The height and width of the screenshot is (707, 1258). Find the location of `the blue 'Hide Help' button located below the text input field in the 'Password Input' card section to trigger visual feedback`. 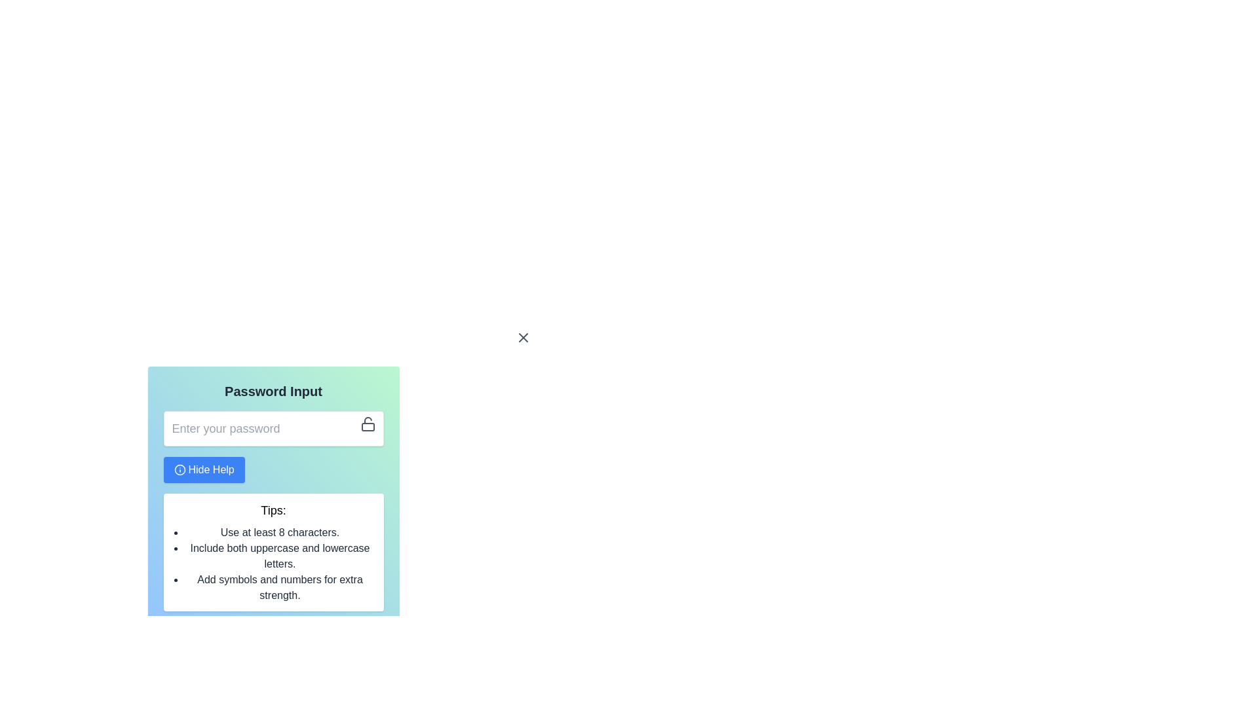

the blue 'Hide Help' button located below the text input field in the 'Password Input' card section to trigger visual feedback is located at coordinates (203, 469).